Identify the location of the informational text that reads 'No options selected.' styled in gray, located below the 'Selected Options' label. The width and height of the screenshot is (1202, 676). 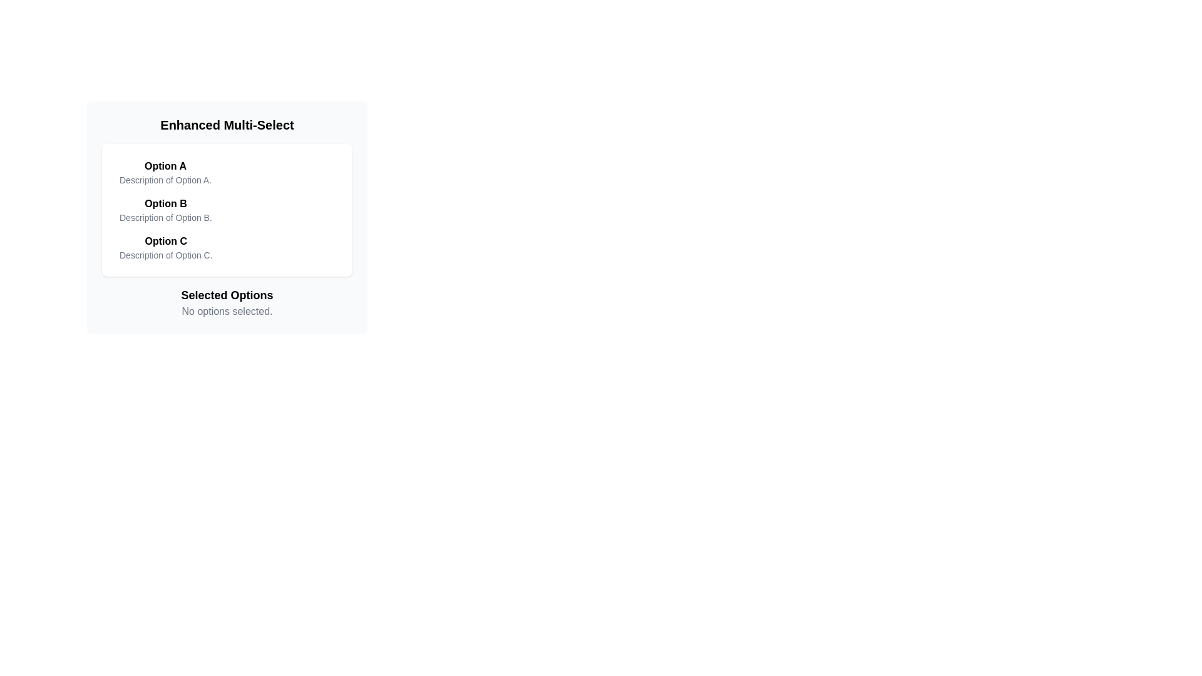
(227, 310).